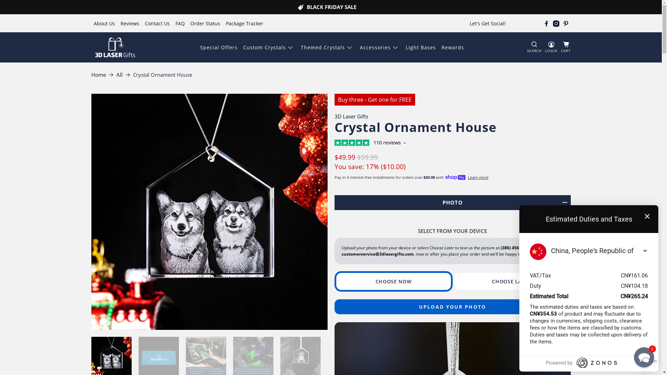 The width and height of the screenshot is (667, 375). Describe the element at coordinates (420, 47) in the screenshot. I see `'Light Bases'` at that location.